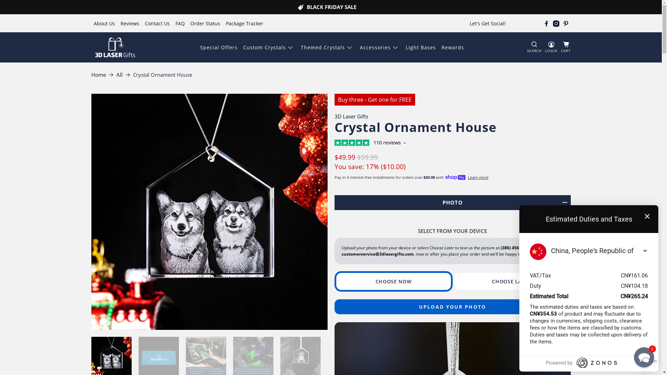 The width and height of the screenshot is (667, 375). Describe the element at coordinates (420, 47) in the screenshot. I see `'Light Bases'` at that location.